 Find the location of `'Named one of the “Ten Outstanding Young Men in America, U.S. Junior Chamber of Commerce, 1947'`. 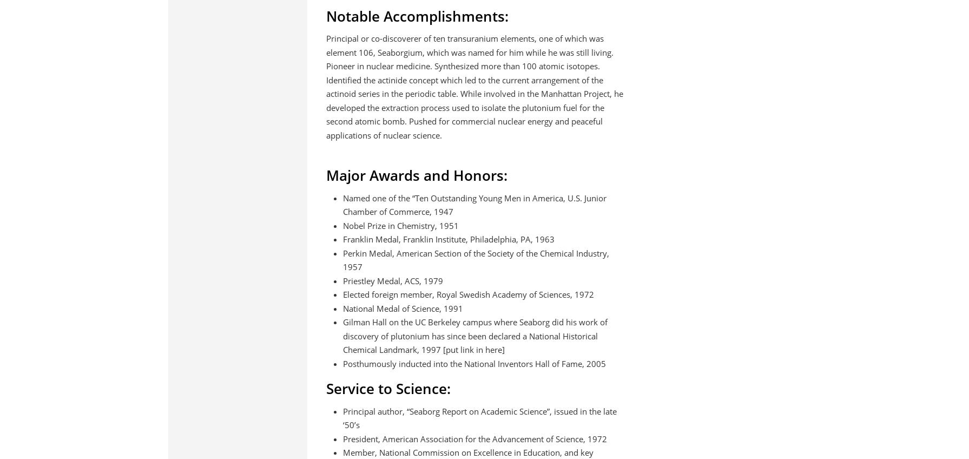

'Named one of the “Ten Outstanding Young Men in America, U.S. Junior Chamber of Commerce, 1947' is located at coordinates (474, 205).